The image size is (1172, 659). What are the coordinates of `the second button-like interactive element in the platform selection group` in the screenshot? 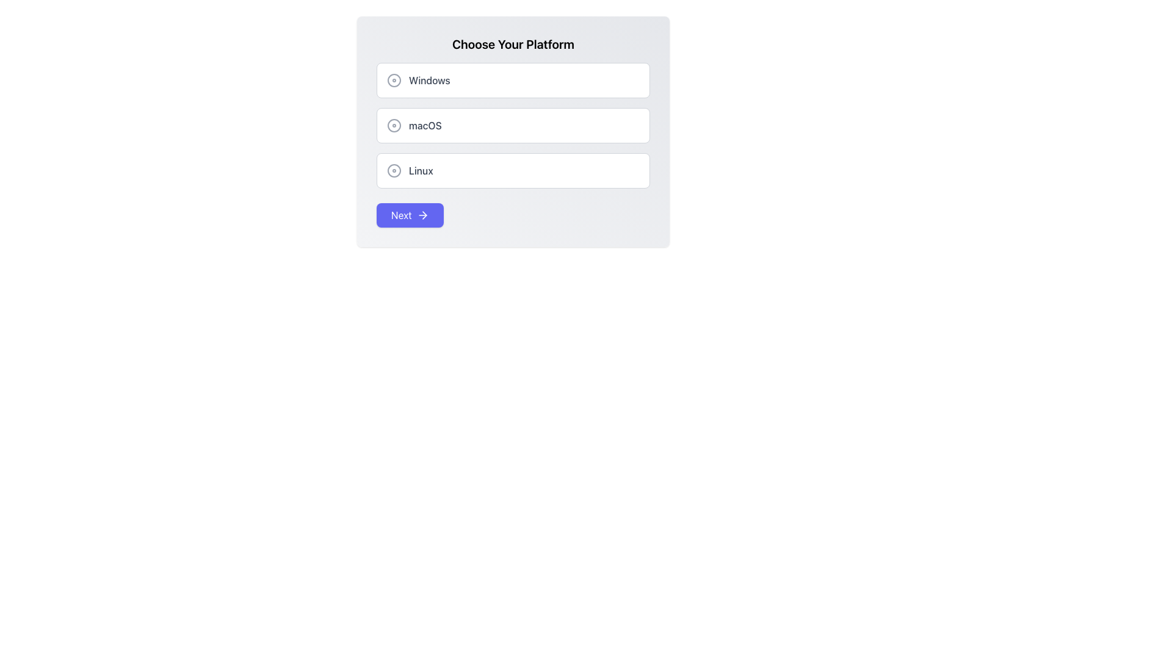 It's located at (513, 132).